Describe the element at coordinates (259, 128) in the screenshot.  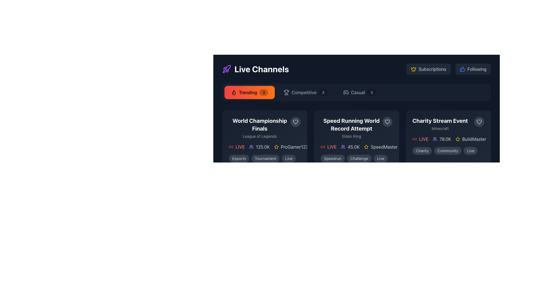
I see `the Text block that provides the title and subtitle for the live streaming event 'World Championship Finals' in the 'Live Channels' section` at that location.